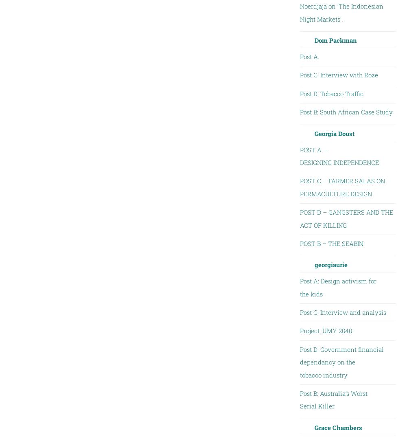 This screenshot has width=407, height=439. I want to click on 'Post D:  Government financial dependancy on the tobacco industry', so click(299, 362).